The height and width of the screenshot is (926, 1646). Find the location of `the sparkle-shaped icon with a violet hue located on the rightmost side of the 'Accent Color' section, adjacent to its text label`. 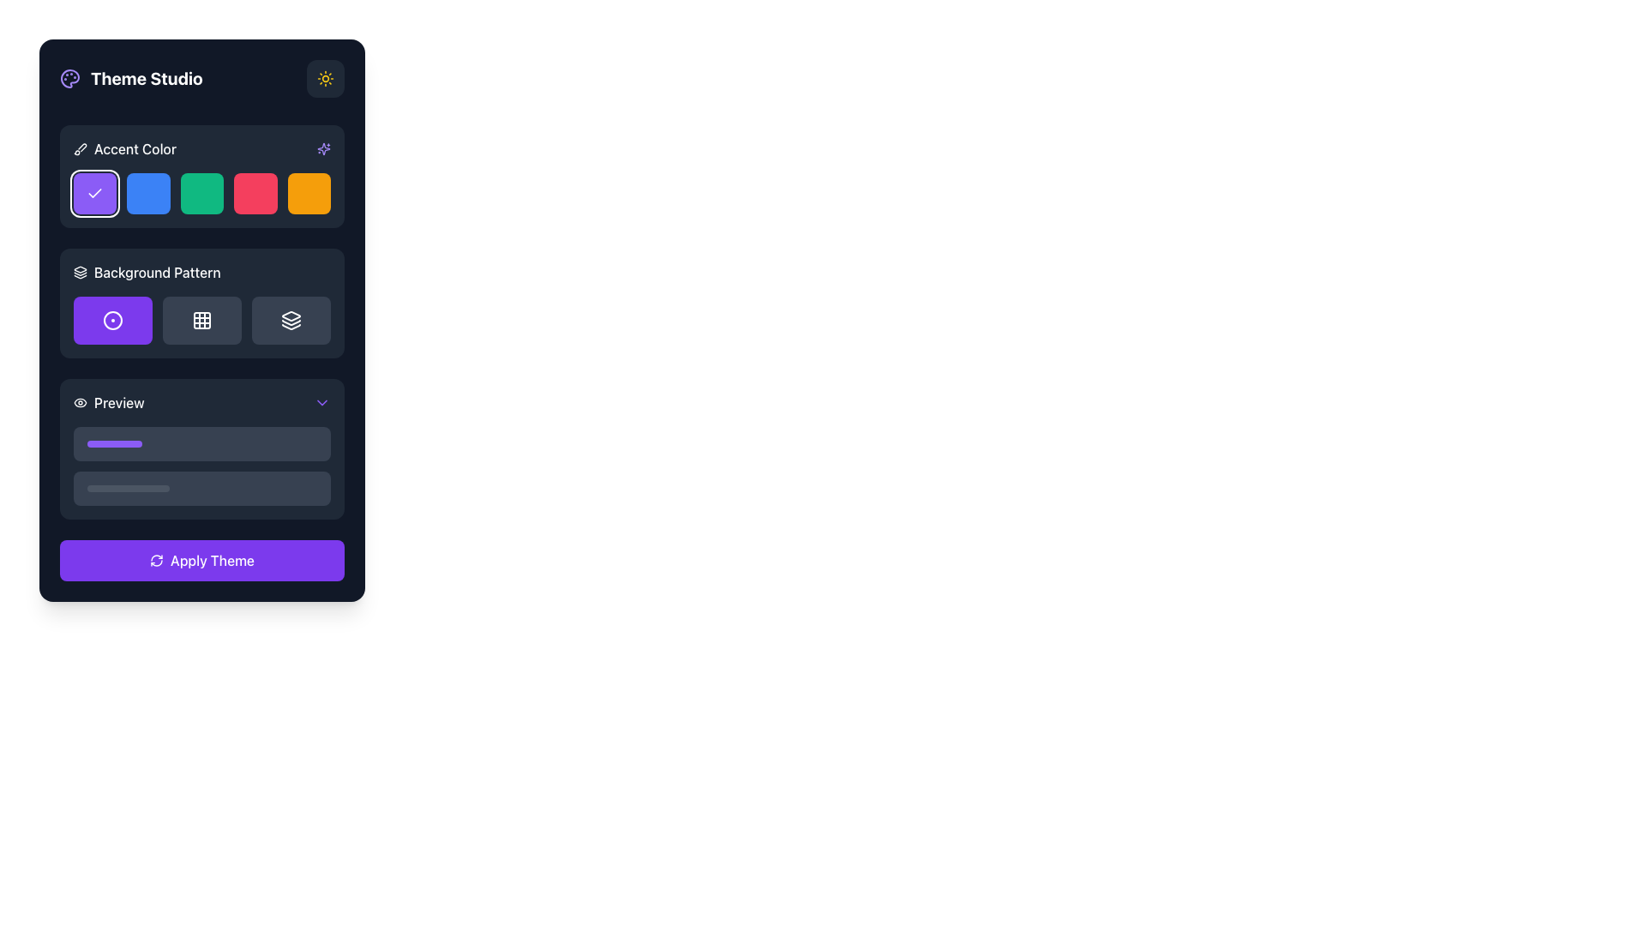

the sparkle-shaped icon with a violet hue located on the rightmost side of the 'Accent Color' section, adjacent to its text label is located at coordinates (324, 147).